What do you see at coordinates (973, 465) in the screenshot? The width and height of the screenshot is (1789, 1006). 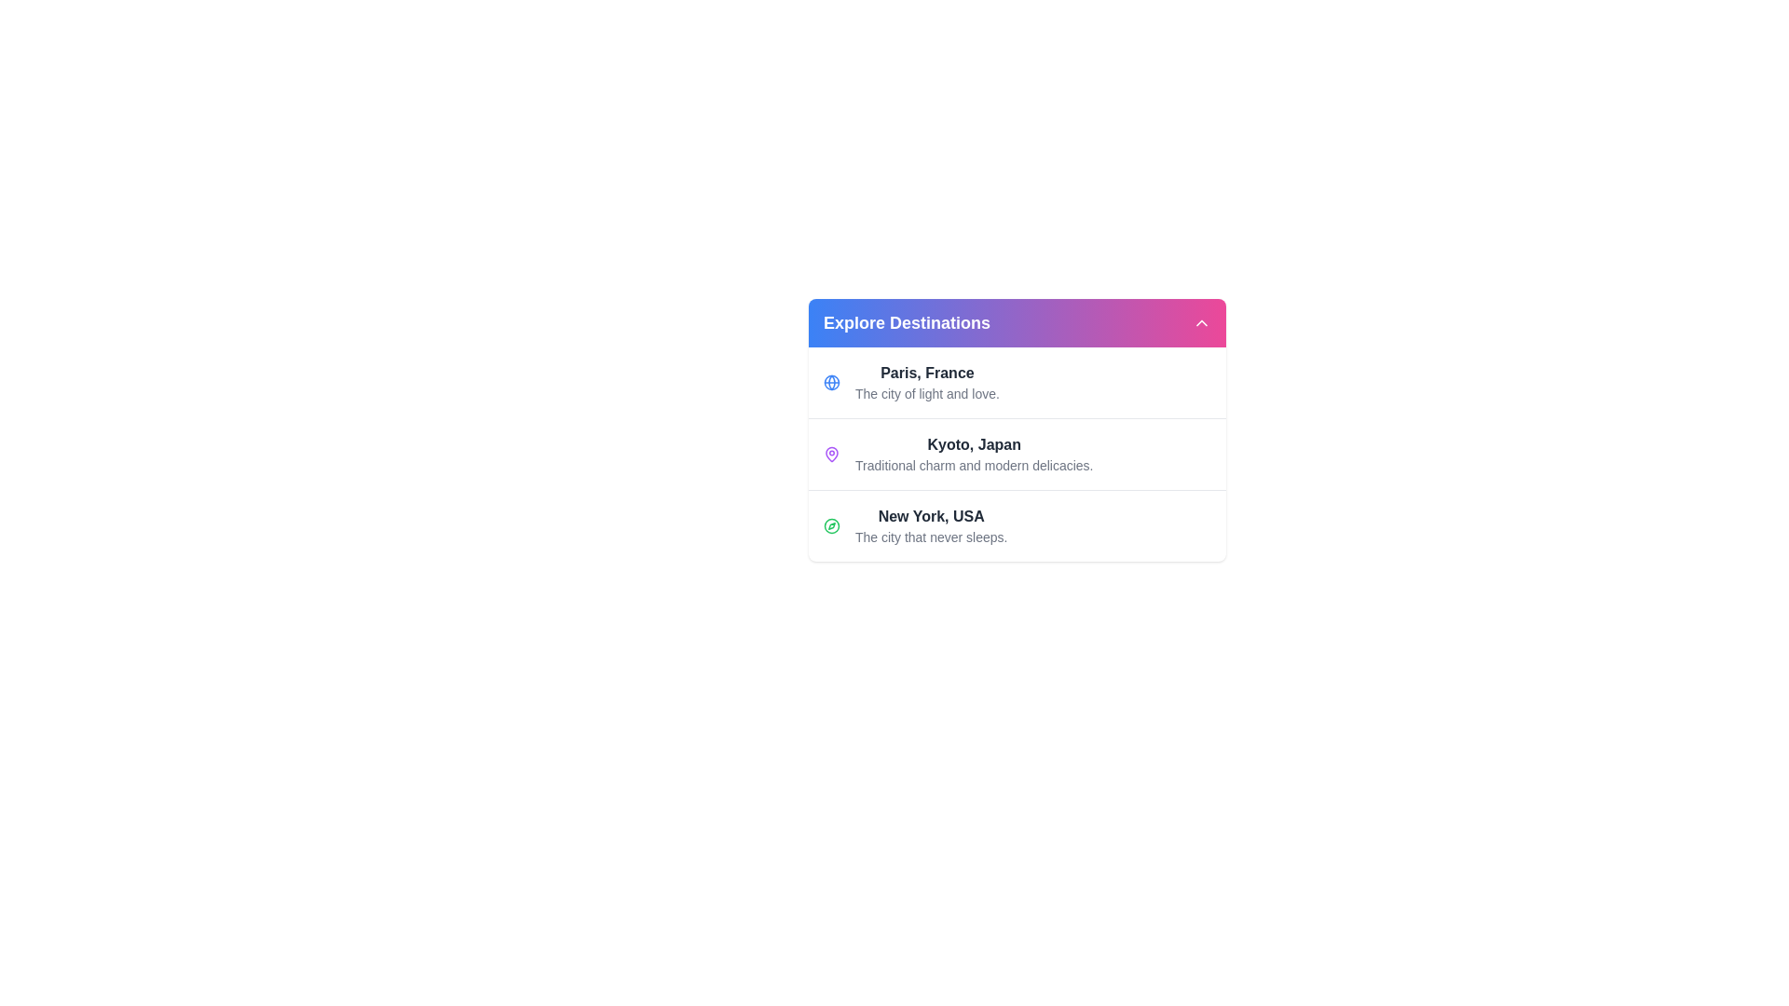 I see `the descriptive text element displaying 'Traditional charm and modern delicacies,' which is located directly beneath the title 'Kyoto, Japan' in the 'Explore Destinations' list` at bounding box center [973, 465].